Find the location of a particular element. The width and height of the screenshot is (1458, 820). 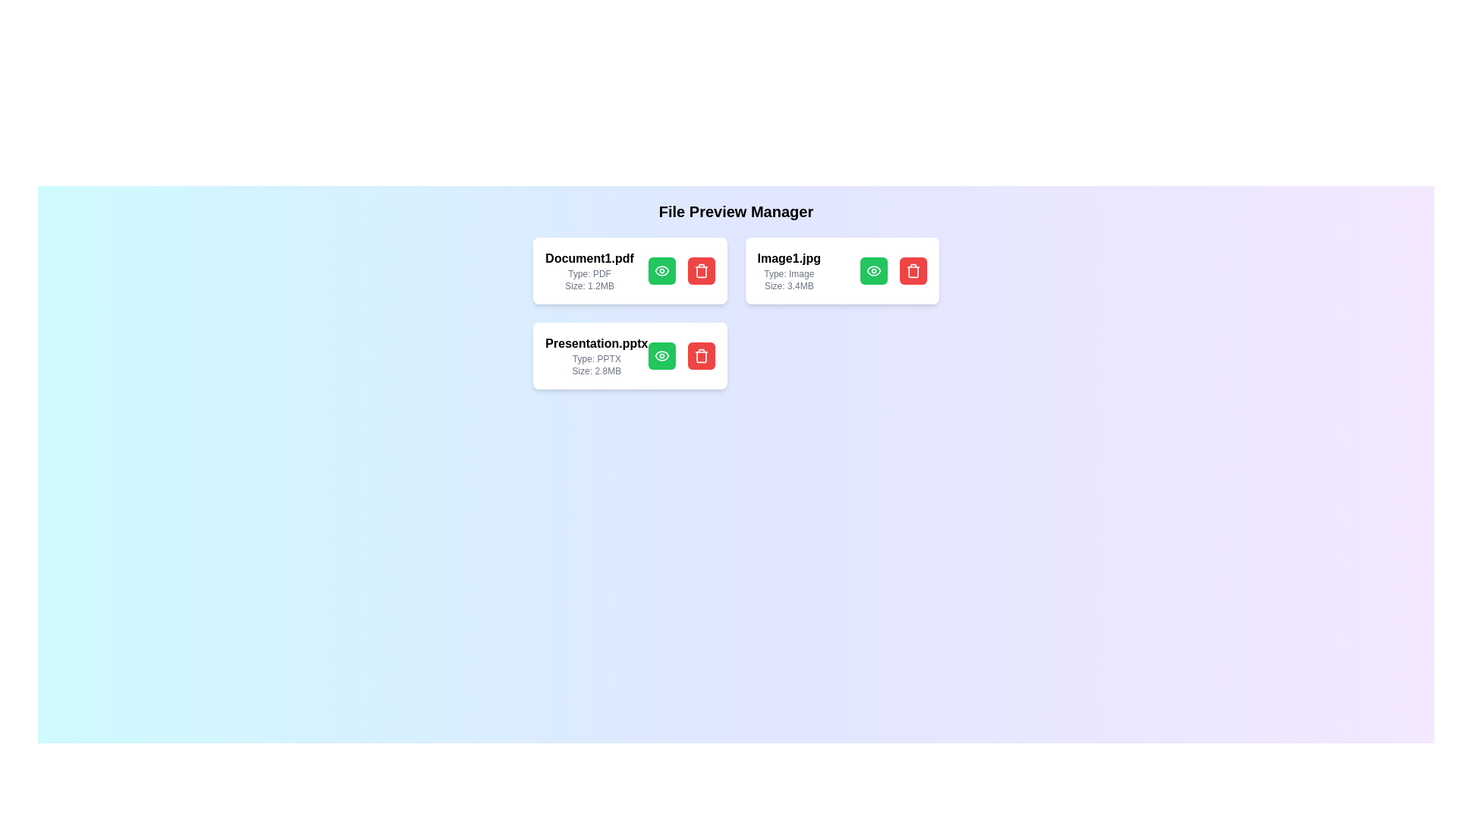

the red button with a trash icon to initiate a delete action is located at coordinates (700, 270).